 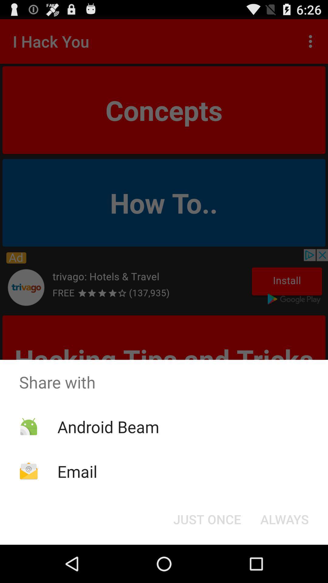 I want to click on email icon, so click(x=77, y=471).